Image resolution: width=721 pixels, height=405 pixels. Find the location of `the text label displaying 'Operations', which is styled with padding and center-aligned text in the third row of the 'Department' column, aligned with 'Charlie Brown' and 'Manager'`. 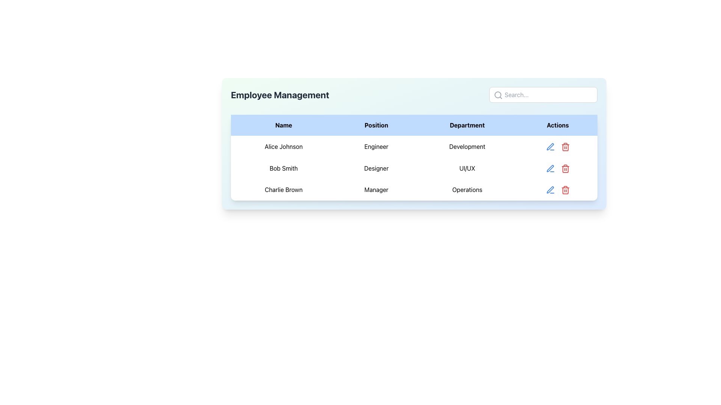

the text label displaying 'Operations', which is styled with padding and center-aligned text in the third row of the 'Department' column, aligned with 'Charlie Brown' and 'Manager' is located at coordinates (467, 189).